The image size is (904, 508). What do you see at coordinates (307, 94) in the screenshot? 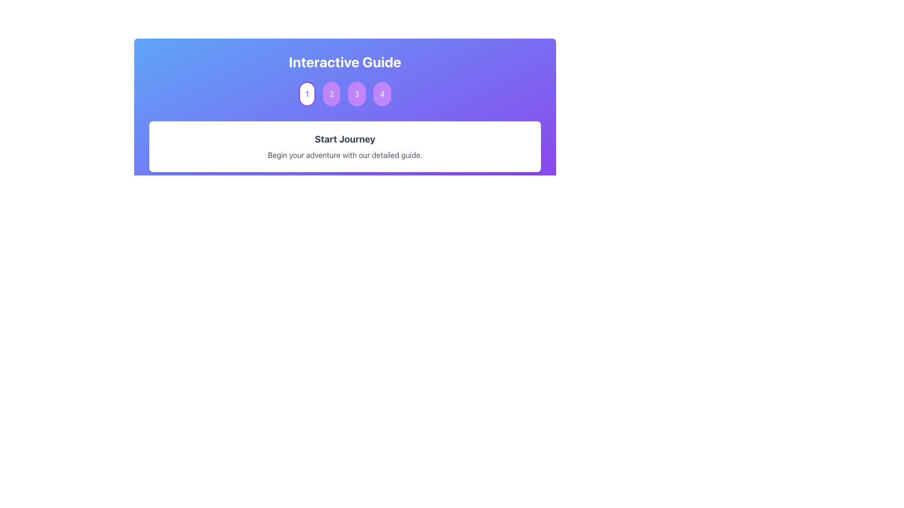
I see `the circular button labeled '1' with a white background and purple border` at bounding box center [307, 94].